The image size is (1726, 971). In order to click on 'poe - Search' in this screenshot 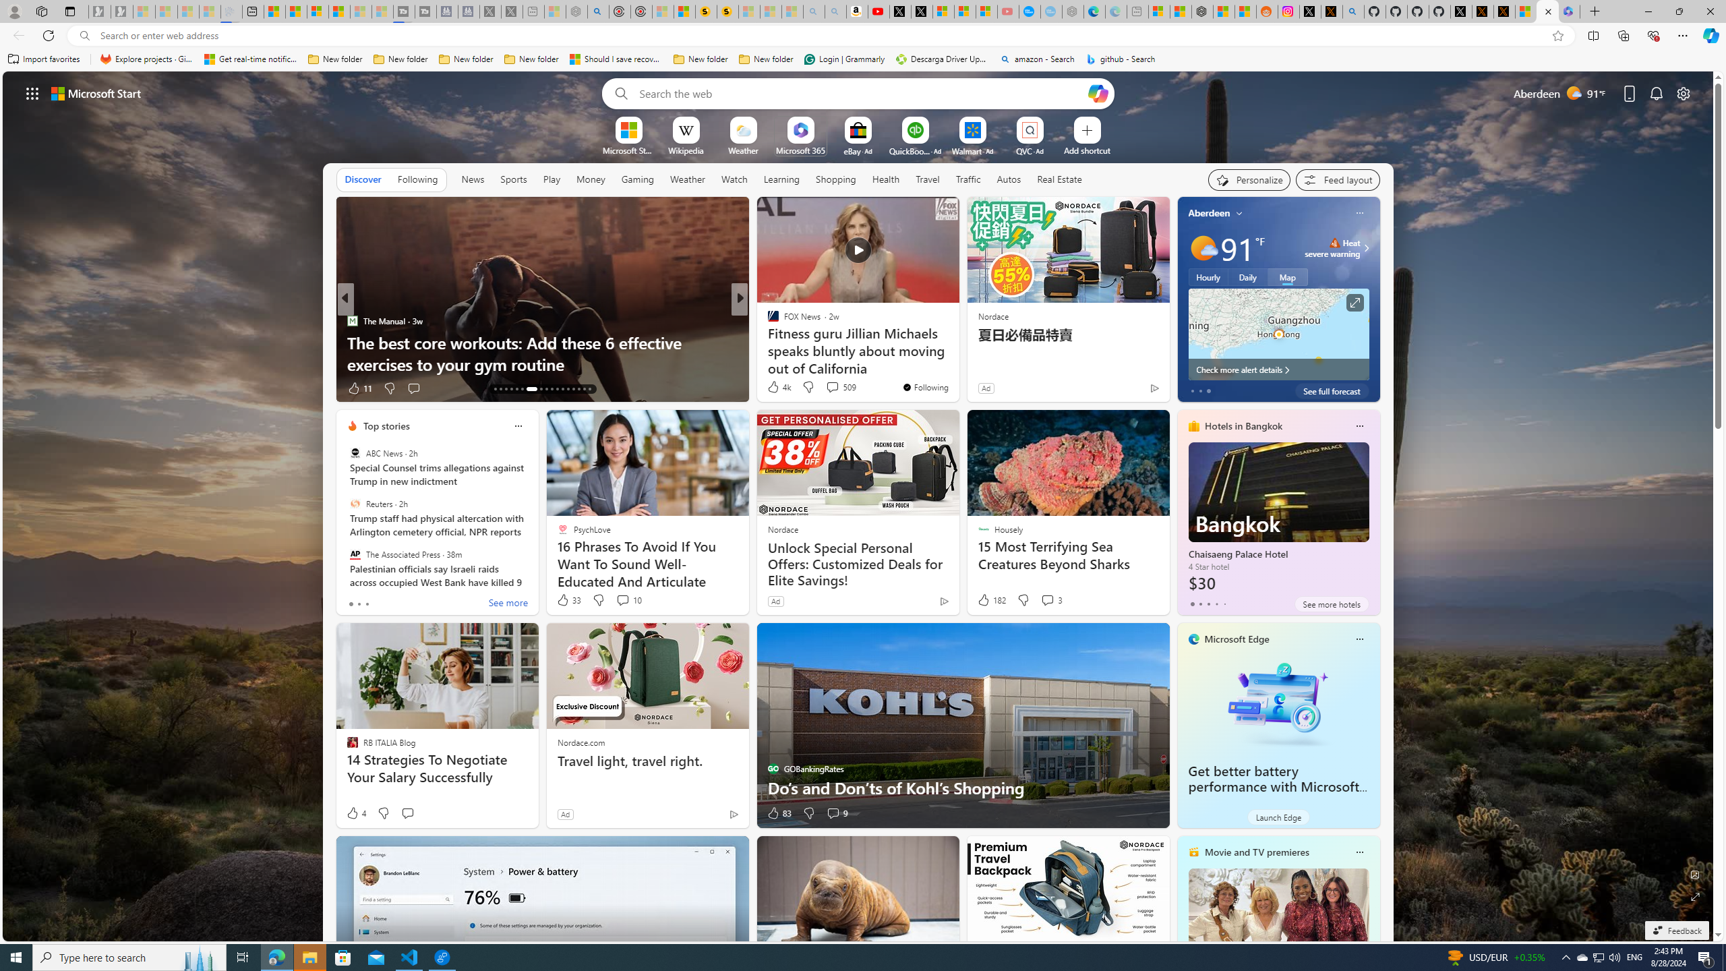, I will do `click(597, 11)`.